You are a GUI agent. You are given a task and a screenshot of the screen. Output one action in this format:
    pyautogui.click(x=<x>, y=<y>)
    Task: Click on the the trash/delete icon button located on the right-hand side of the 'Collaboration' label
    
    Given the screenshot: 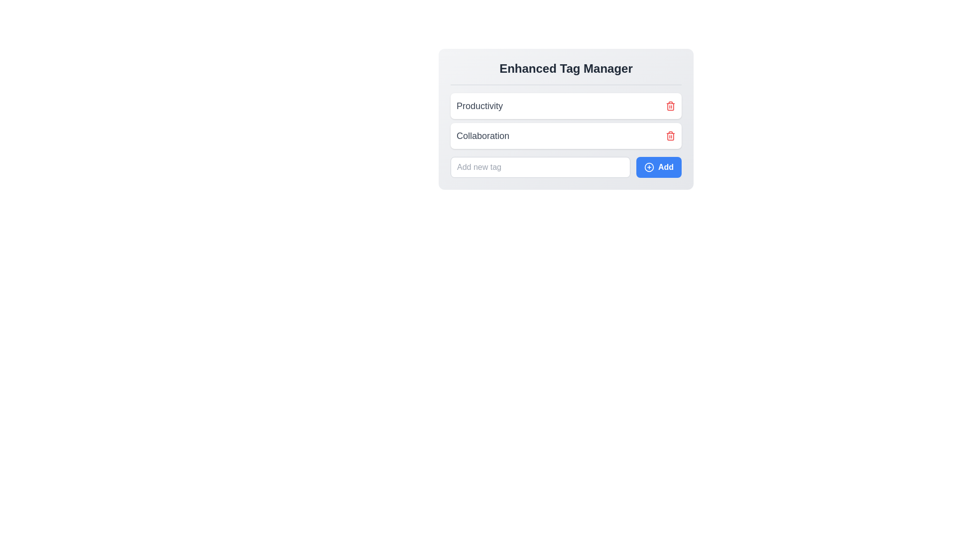 What is the action you would take?
    pyautogui.click(x=671, y=136)
    